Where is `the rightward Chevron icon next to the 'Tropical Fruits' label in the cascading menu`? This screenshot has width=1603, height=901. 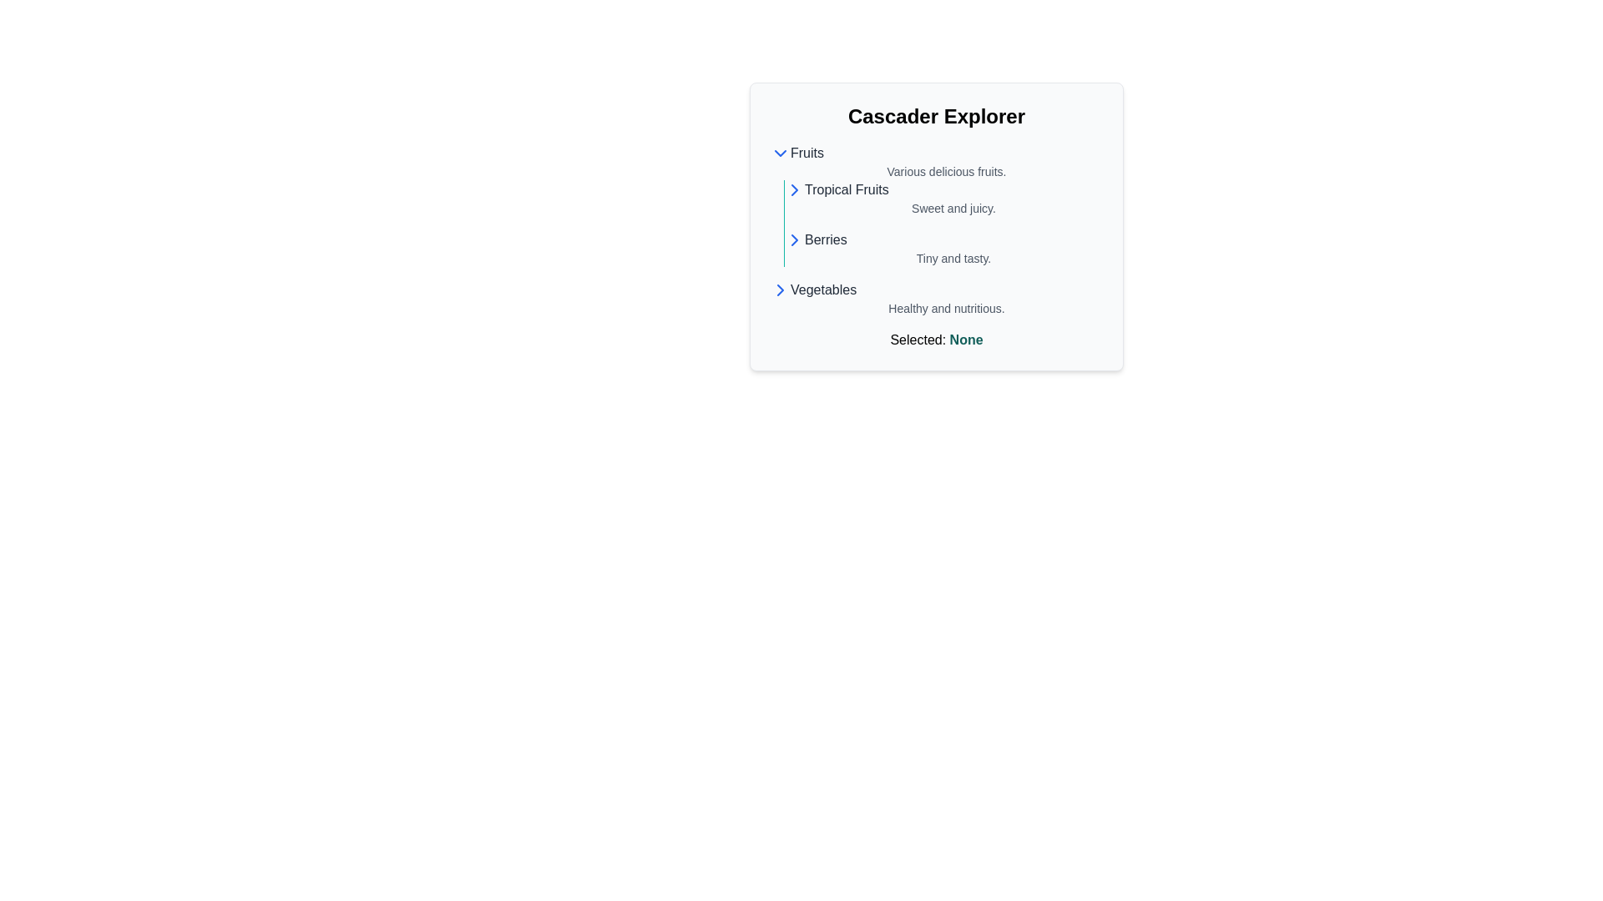
the rightward Chevron icon next to the 'Tropical Fruits' label in the cascading menu is located at coordinates (780, 289).